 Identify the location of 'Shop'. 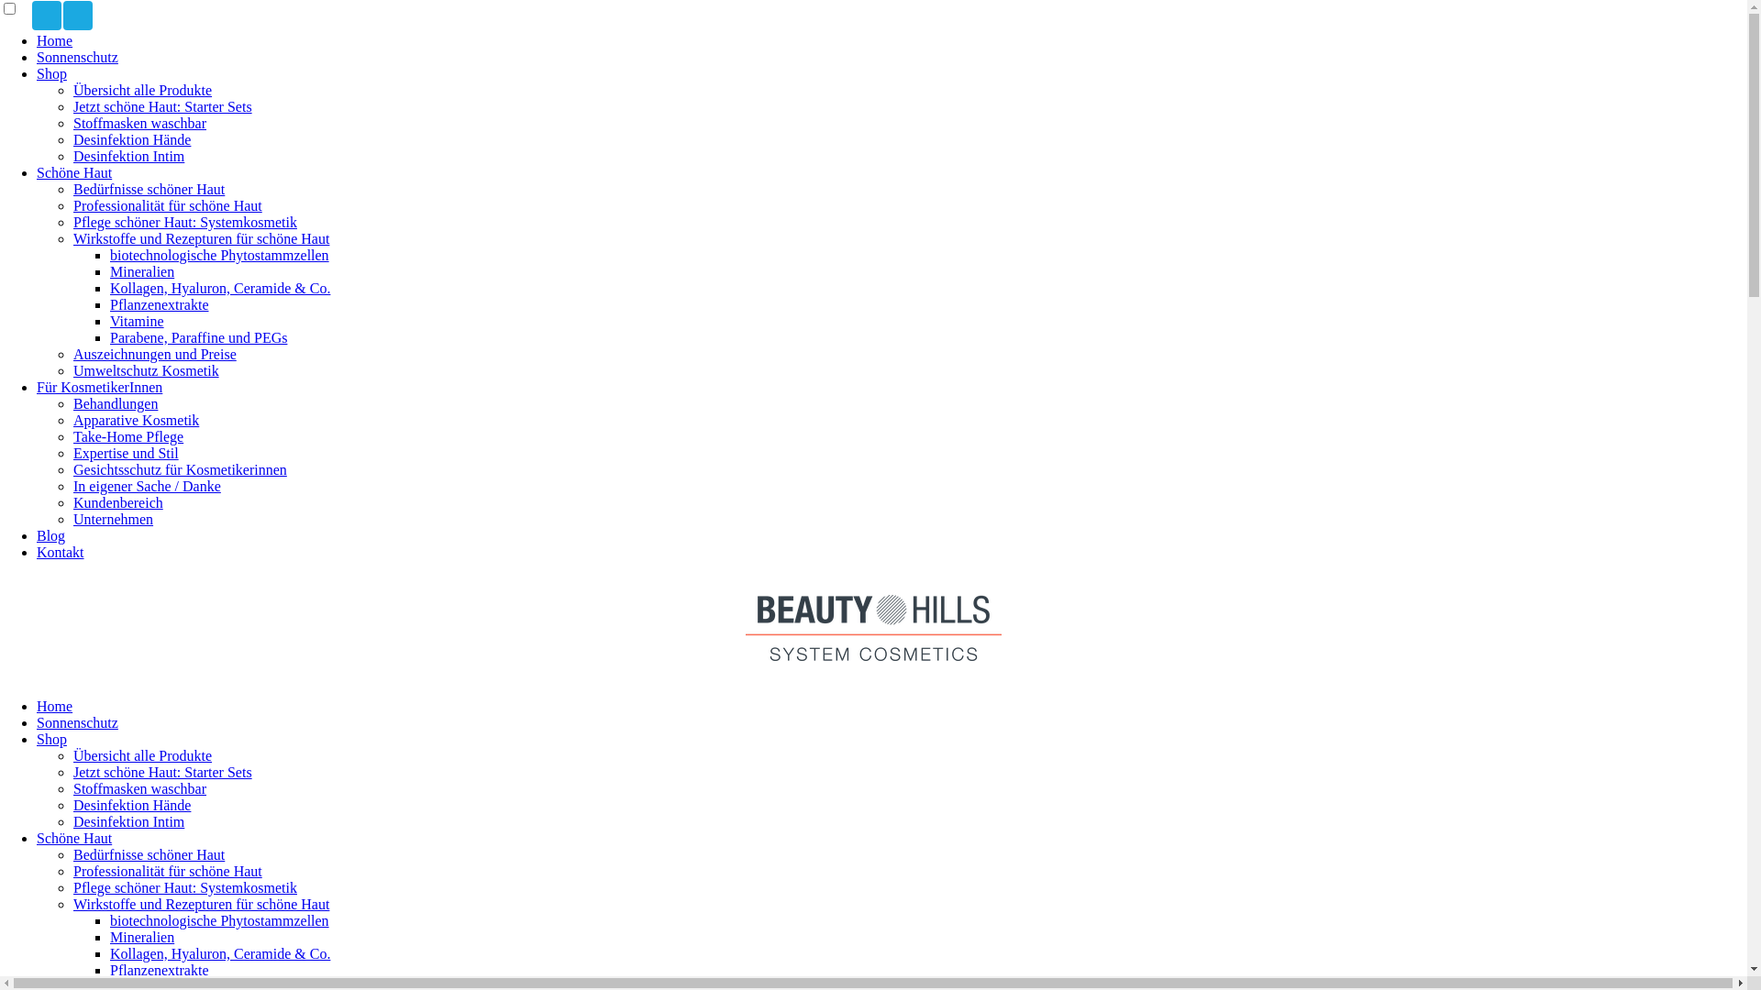
(51, 738).